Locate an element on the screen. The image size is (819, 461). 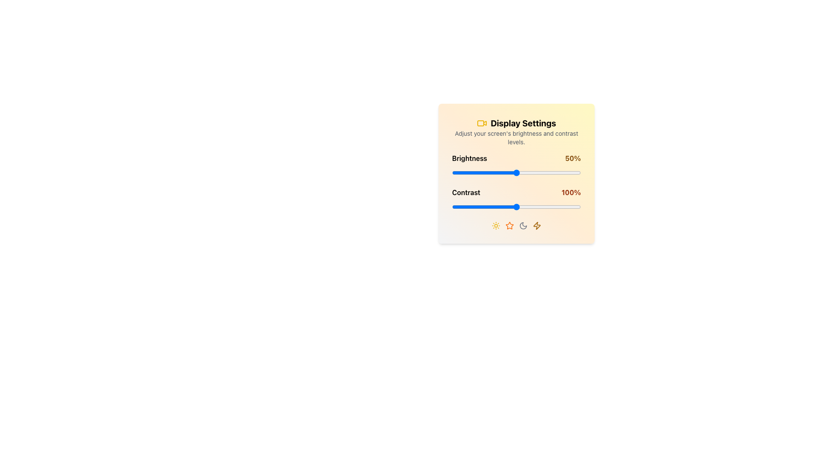
the contrast level is located at coordinates (529, 207).